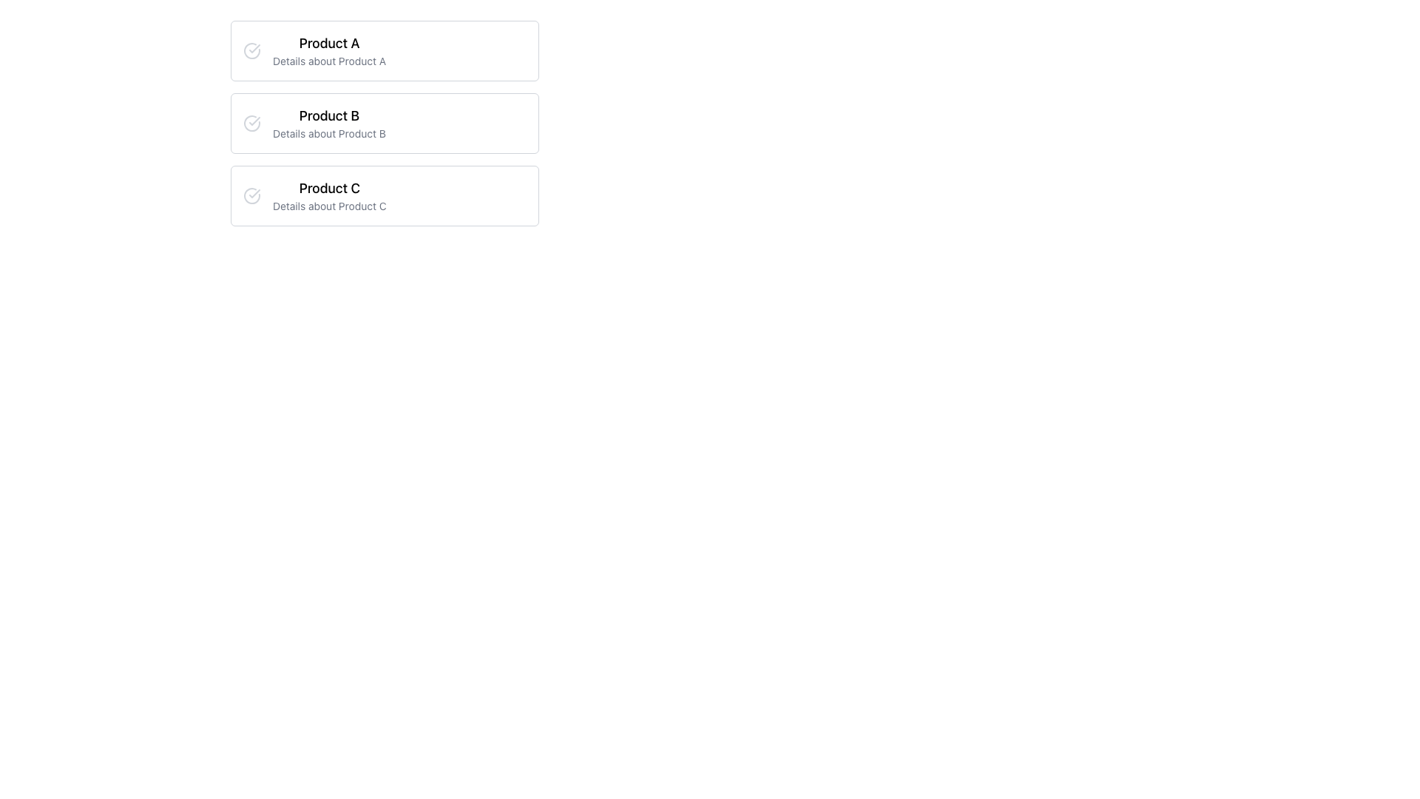 The width and height of the screenshot is (1420, 799). Describe the element at coordinates (328, 61) in the screenshot. I see `the text label displaying 'Details about Product A', which is a smaller, grey text located directly below 'Product A'` at that location.